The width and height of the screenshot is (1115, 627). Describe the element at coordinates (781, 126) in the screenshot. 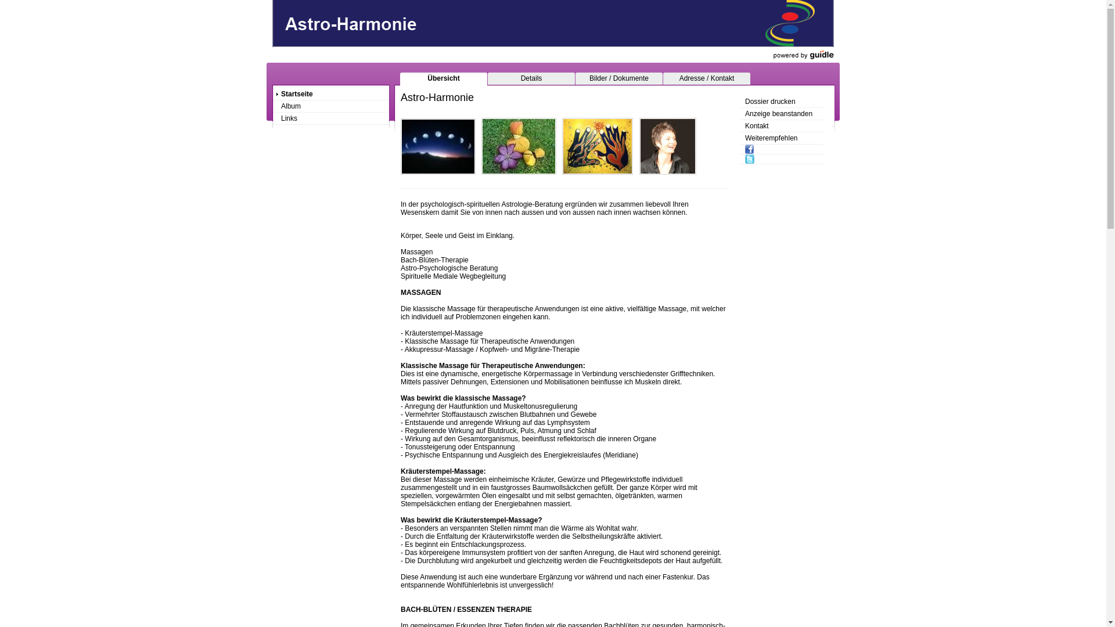

I see `'Kontakt'` at that location.